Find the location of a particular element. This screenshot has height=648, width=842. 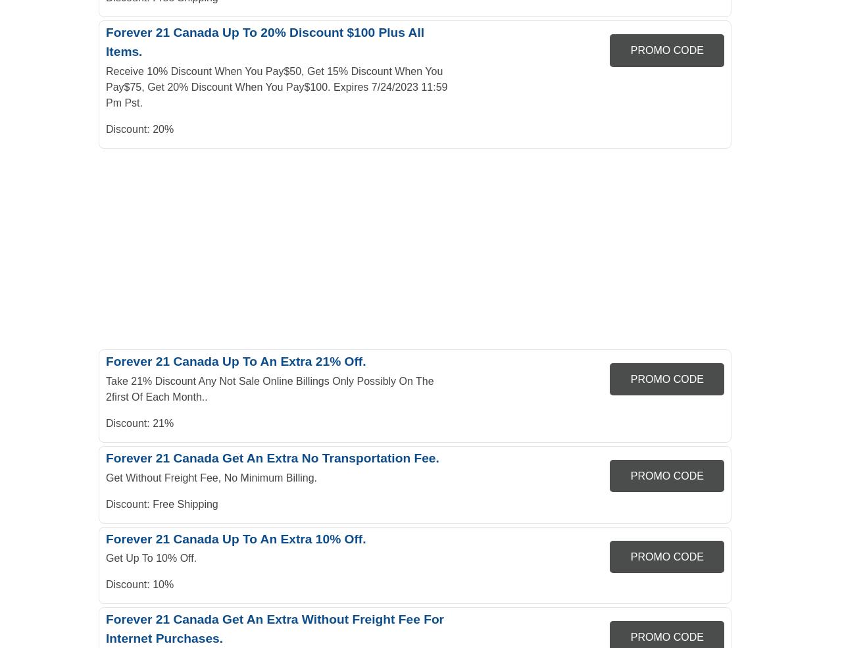

'Forever 21 Canada Up To 20% Discount $100 Plus All Items.' is located at coordinates (264, 41).